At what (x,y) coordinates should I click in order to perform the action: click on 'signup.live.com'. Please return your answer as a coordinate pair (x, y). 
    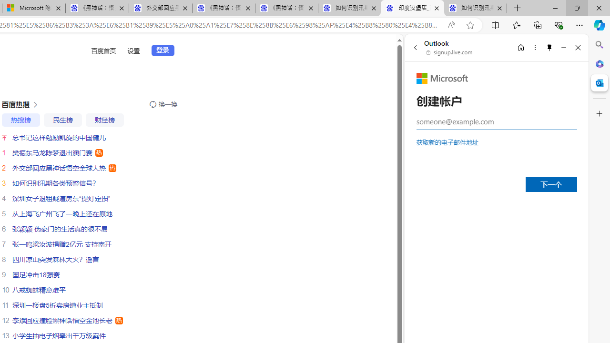
    Looking at the image, I should click on (449, 52).